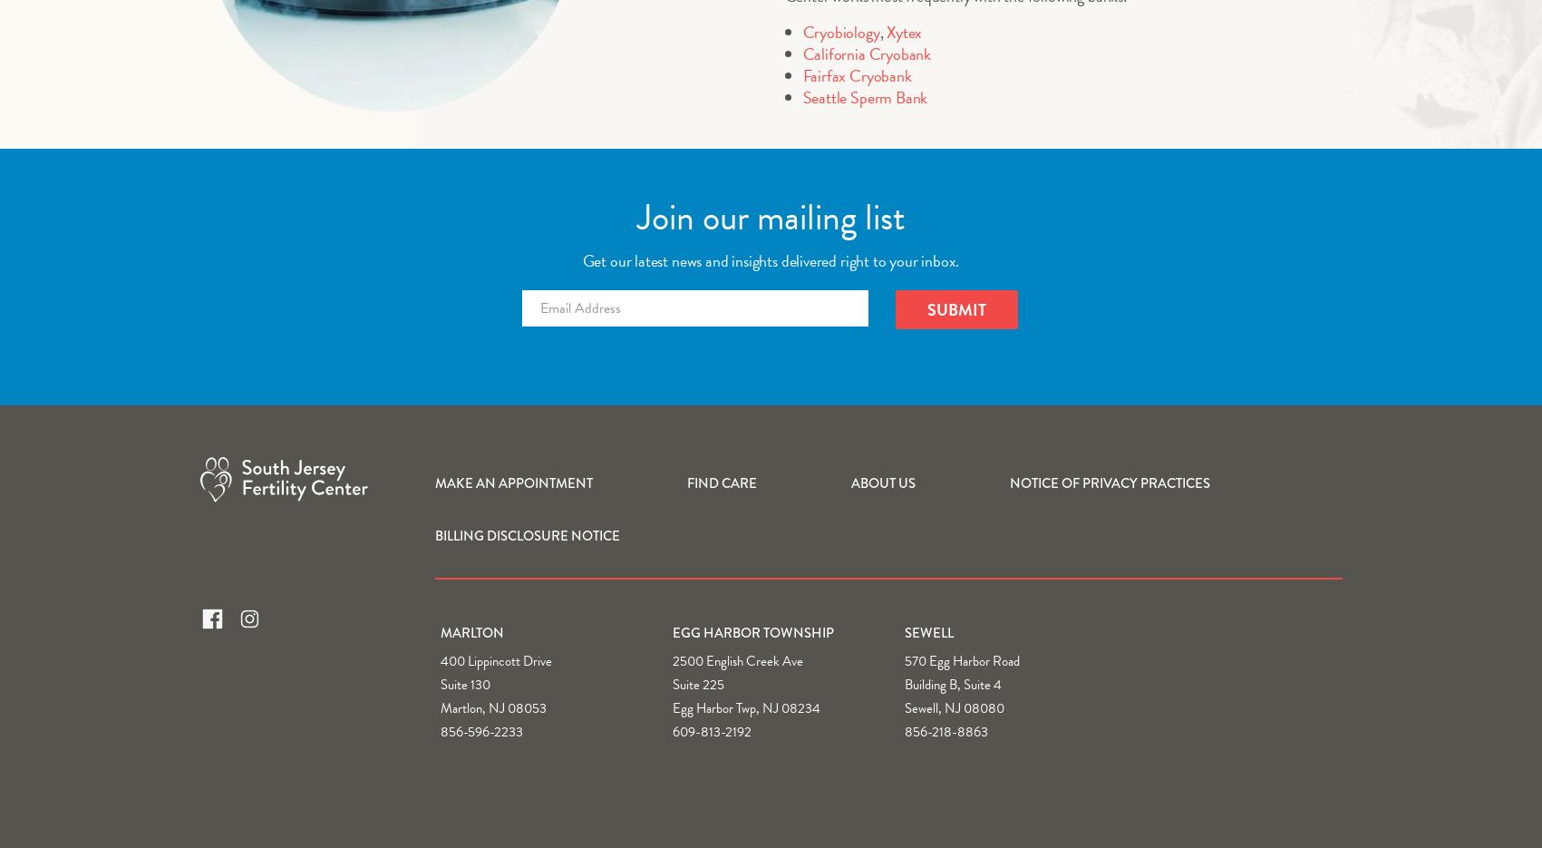  Describe the element at coordinates (962, 659) in the screenshot. I see `'570 Egg Harbor Road'` at that location.